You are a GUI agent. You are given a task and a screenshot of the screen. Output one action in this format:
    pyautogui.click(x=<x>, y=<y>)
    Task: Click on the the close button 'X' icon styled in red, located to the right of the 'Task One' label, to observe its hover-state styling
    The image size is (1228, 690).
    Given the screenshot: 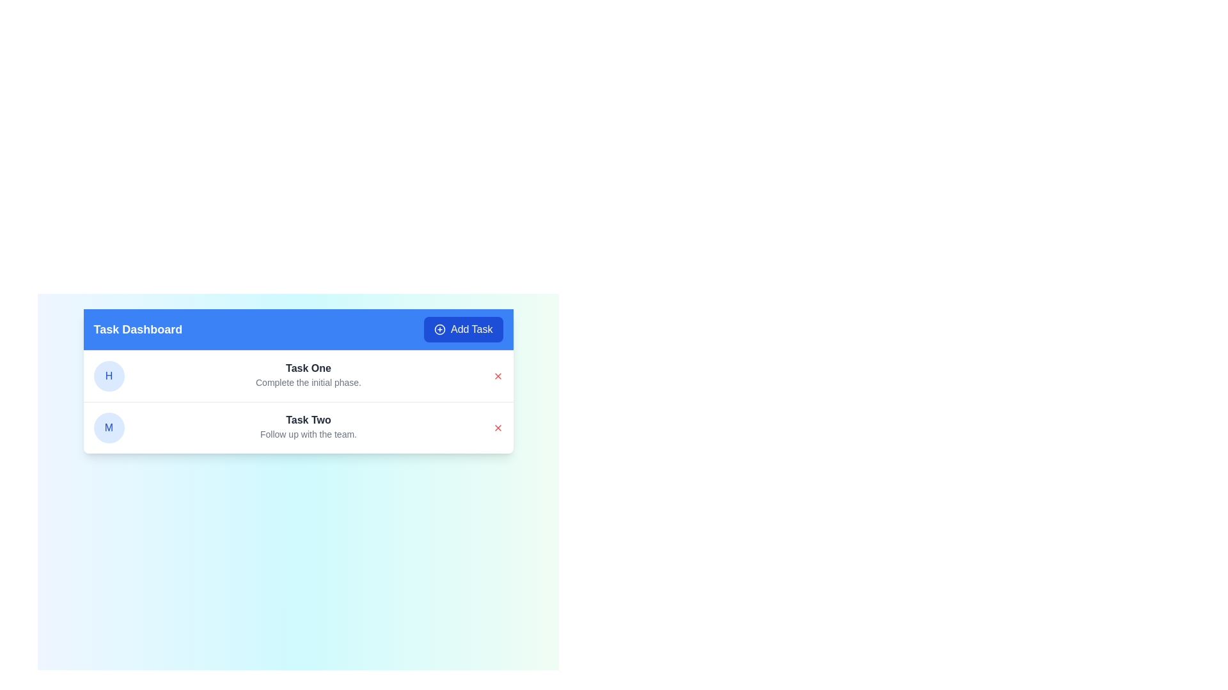 What is the action you would take?
    pyautogui.click(x=497, y=376)
    